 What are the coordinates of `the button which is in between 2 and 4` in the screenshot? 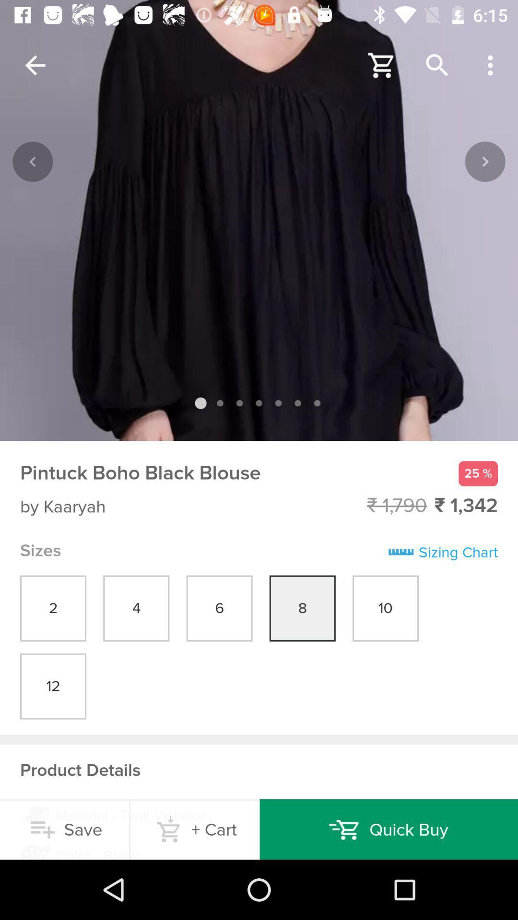 It's located at (136, 608).